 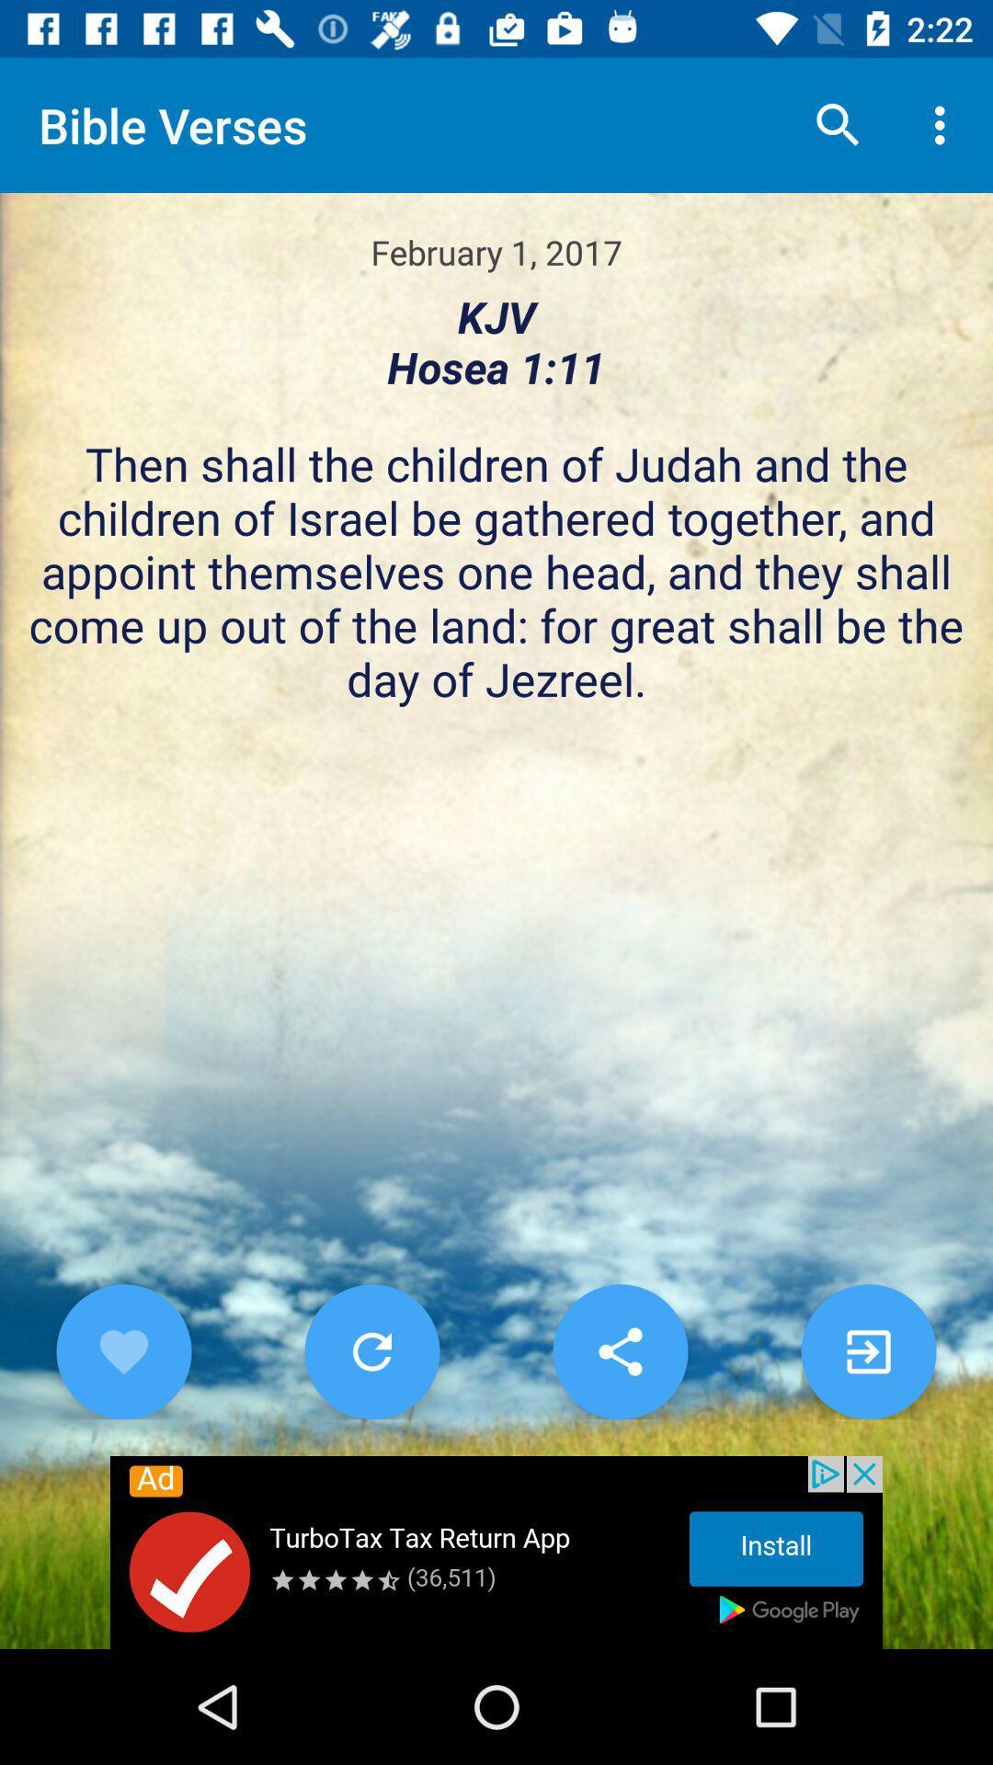 What do you see at coordinates (869, 1351) in the screenshot?
I see `the launch icon` at bounding box center [869, 1351].